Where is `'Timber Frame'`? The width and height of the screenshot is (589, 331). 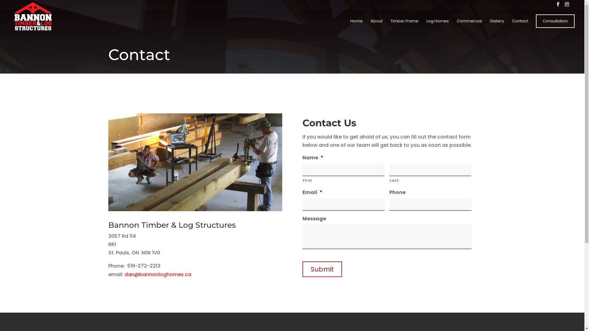 'Timber Frame' is located at coordinates (390, 25).